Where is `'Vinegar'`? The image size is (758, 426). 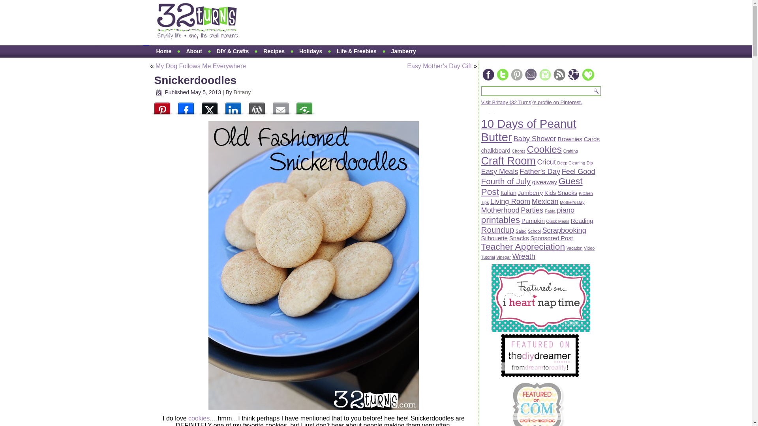 'Vinegar' is located at coordinates (503, 257).